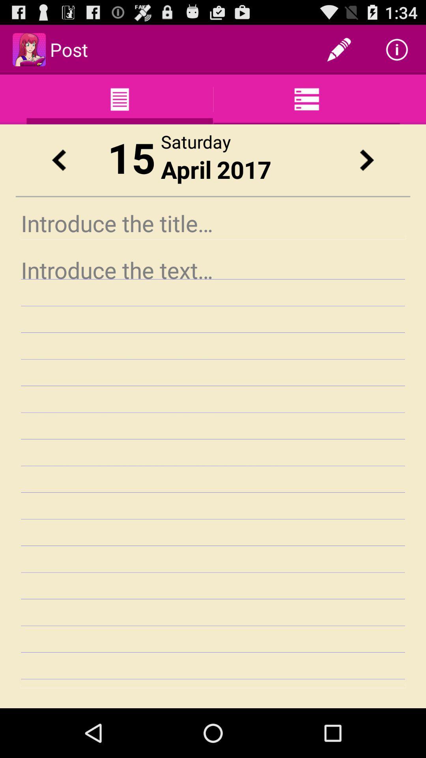 The height and width of the screenshot is (758, 426). What do you see at coordinates (58, 159) in the screenshot?
I see `previous day` at bounding box center [58, 159].